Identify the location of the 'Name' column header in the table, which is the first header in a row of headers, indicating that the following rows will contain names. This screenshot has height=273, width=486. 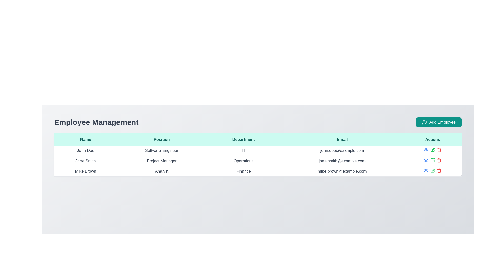
(86, 139).